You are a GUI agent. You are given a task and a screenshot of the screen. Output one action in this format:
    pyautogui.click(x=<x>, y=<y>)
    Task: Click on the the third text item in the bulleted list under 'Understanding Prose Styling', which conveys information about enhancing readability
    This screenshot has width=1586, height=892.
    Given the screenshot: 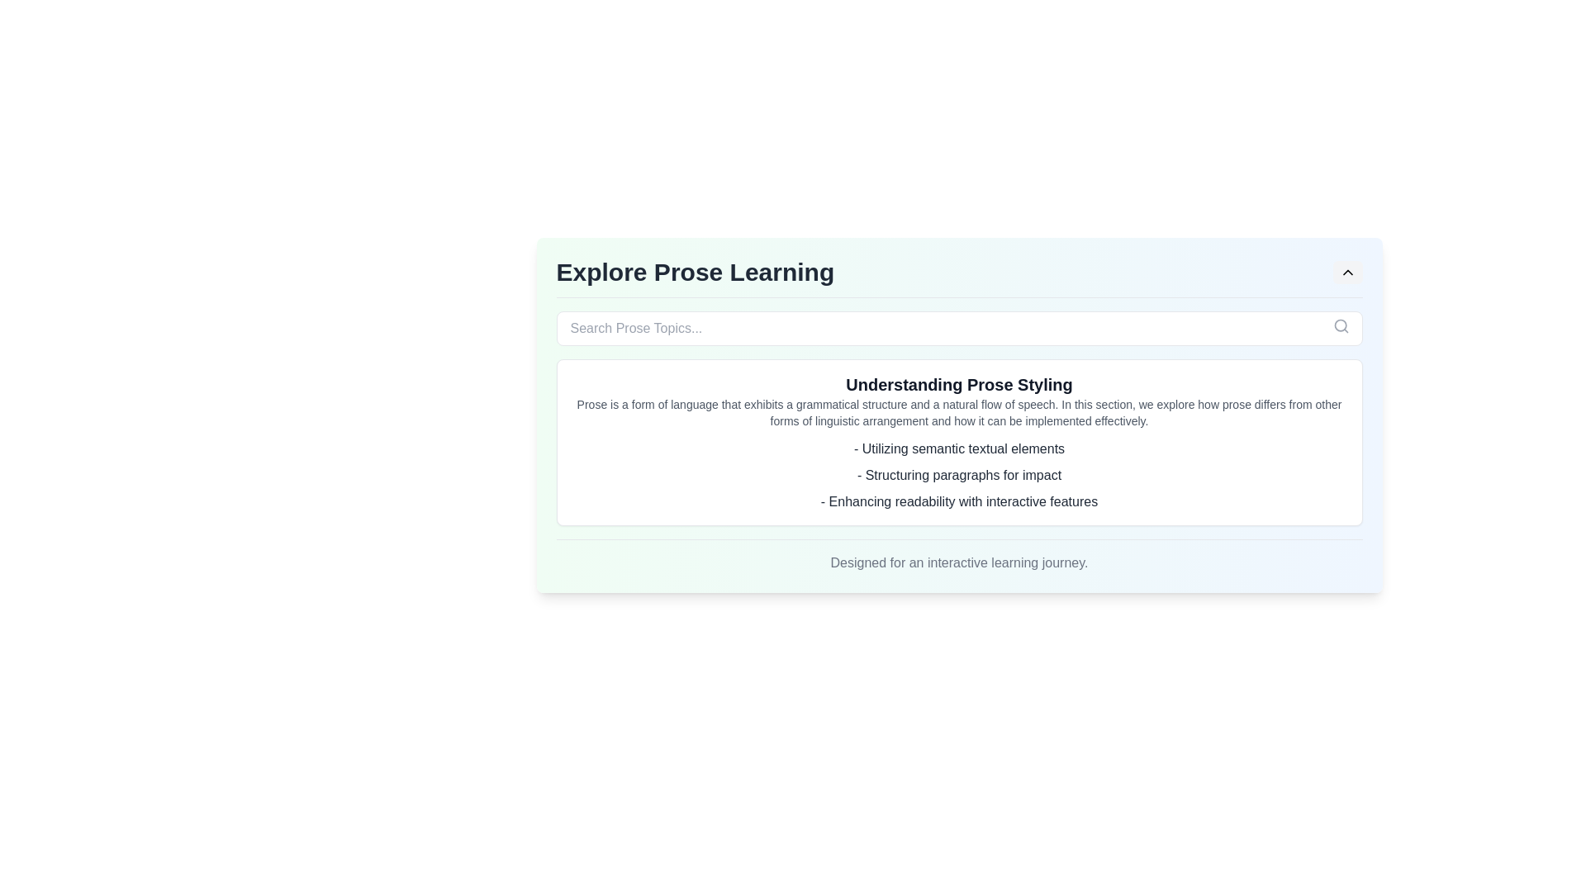 What is the action you would take?
    pyautogui.click(x=959, y=501)
    